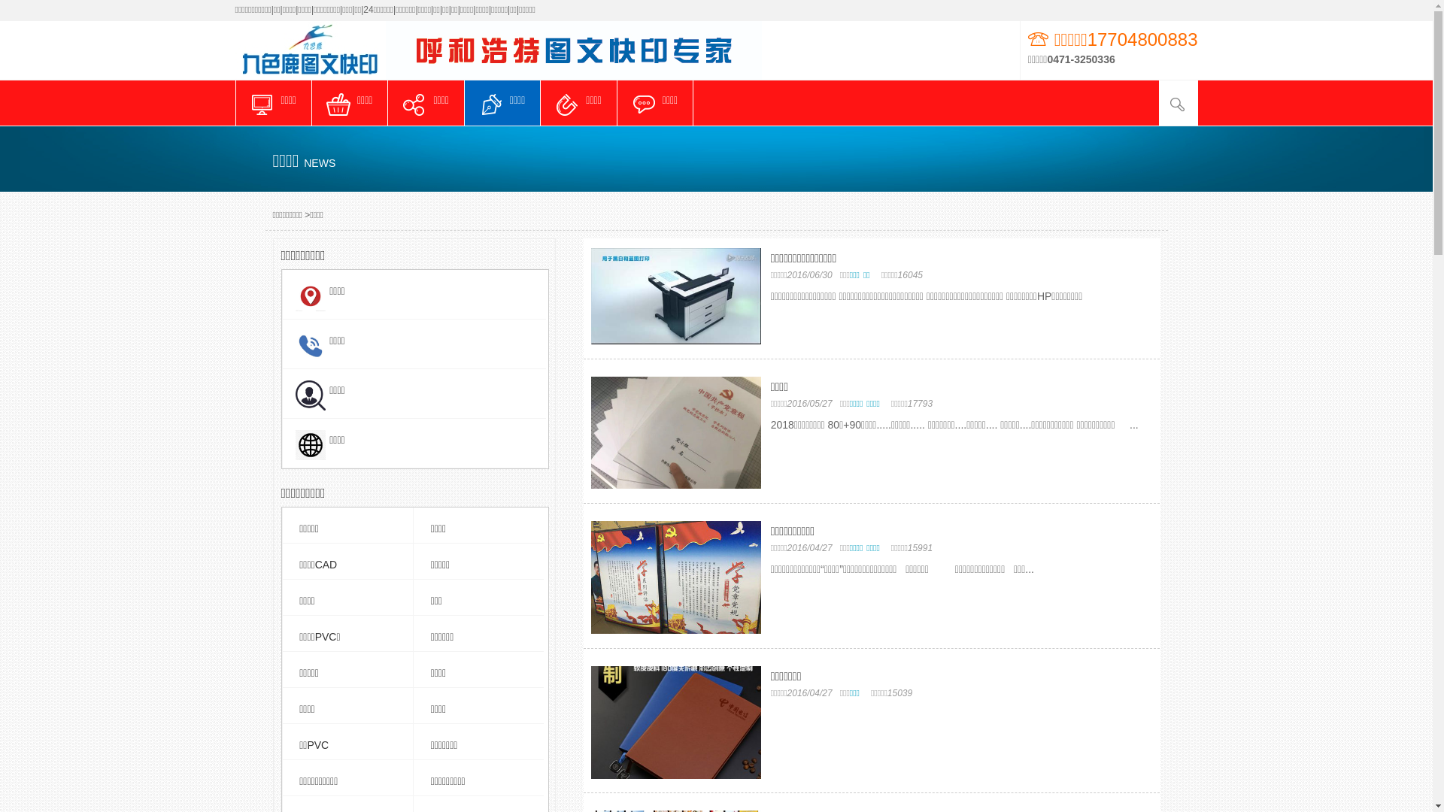  I want to click on '>', so click(305, 214).